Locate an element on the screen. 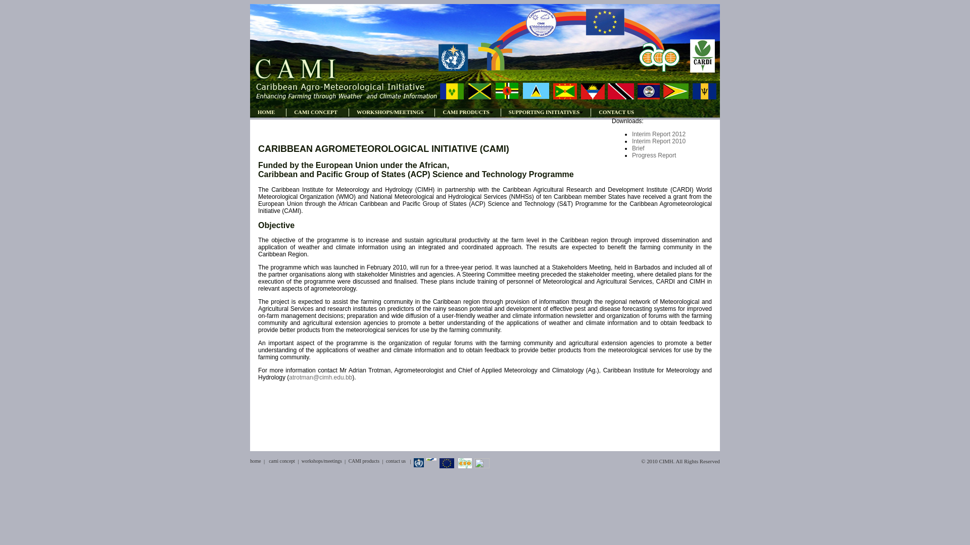 The height and width of the screenshot is (545, 970). 'home' is located at coordinates (255, 461).